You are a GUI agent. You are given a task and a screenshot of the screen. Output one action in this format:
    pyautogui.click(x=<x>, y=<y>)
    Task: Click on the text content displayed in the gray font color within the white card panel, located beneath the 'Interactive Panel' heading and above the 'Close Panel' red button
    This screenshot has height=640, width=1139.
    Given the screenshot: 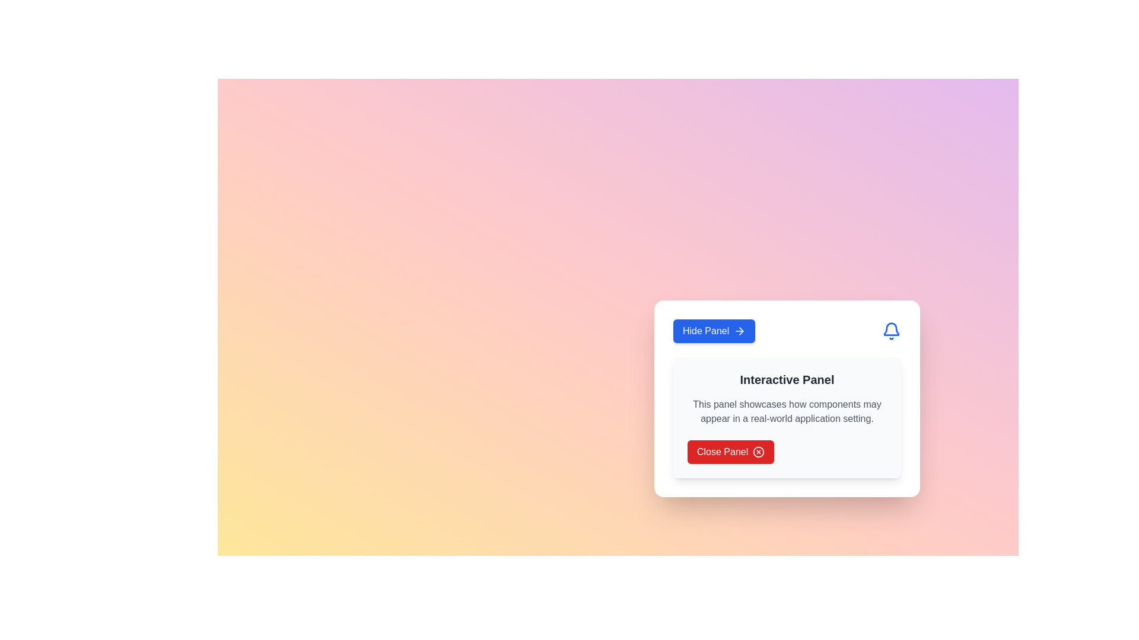 What is the action you would take?
    pyautogui.click(x=787, y=411)
    